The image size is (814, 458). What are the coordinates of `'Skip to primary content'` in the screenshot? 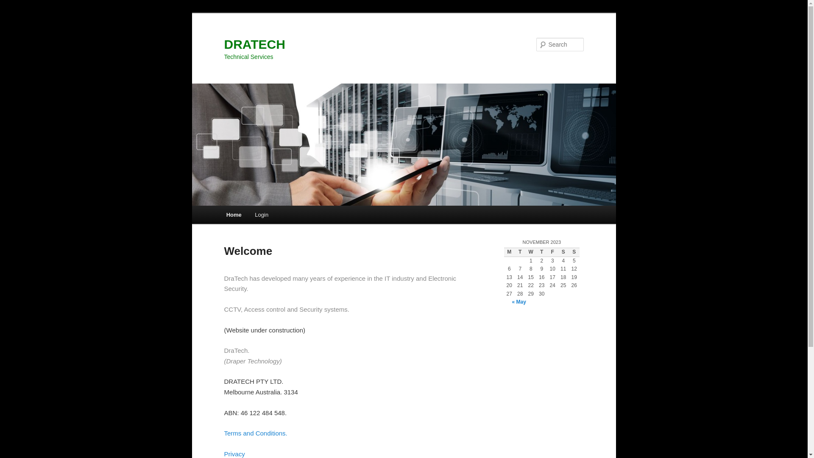 It's located at (13, 13).